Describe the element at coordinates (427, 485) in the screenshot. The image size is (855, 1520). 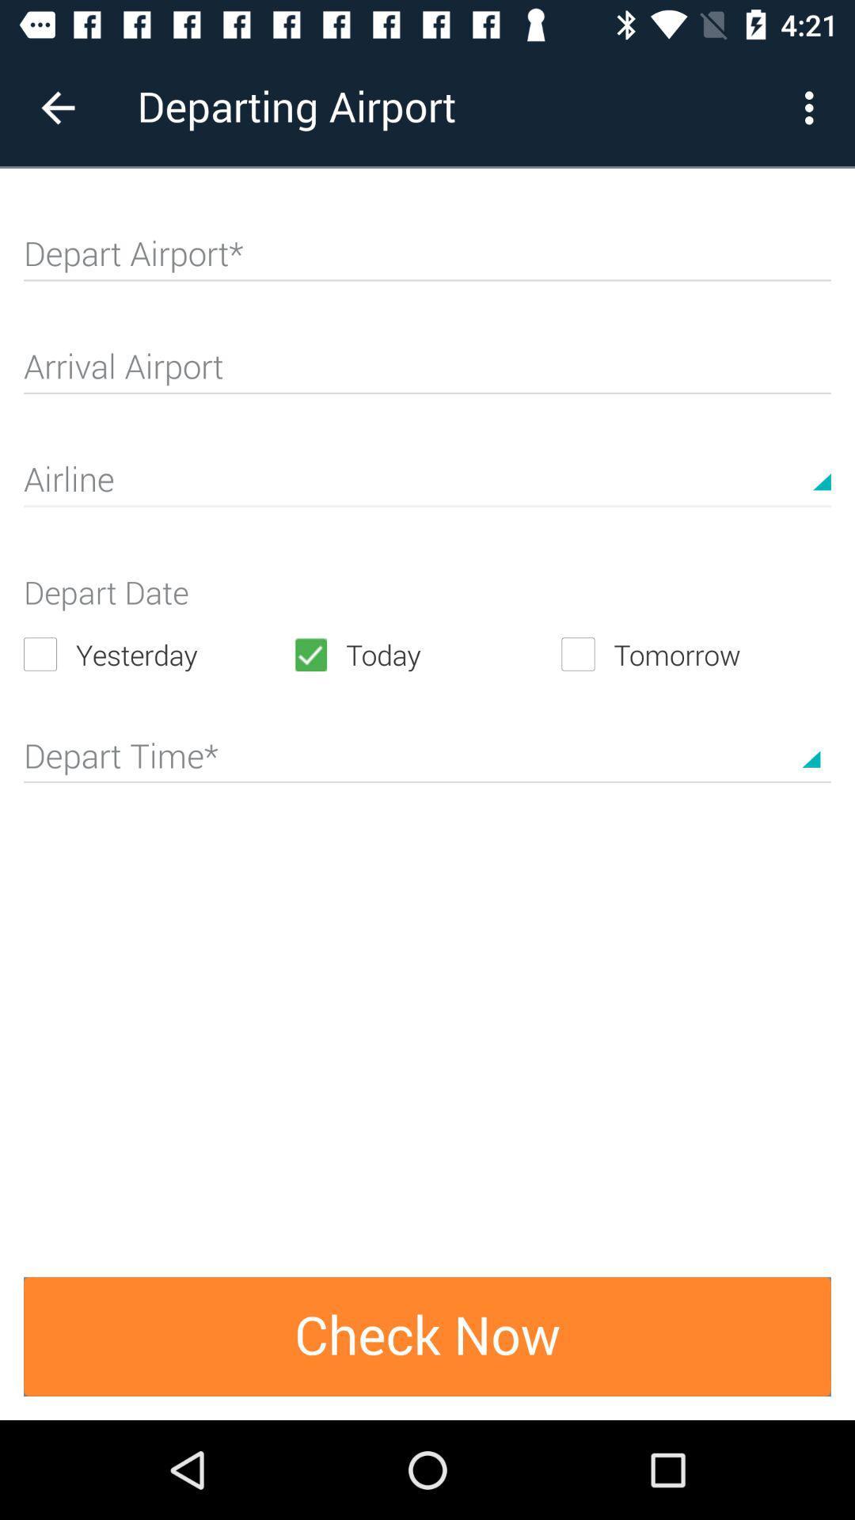
I see `type airline to fly` at that location.